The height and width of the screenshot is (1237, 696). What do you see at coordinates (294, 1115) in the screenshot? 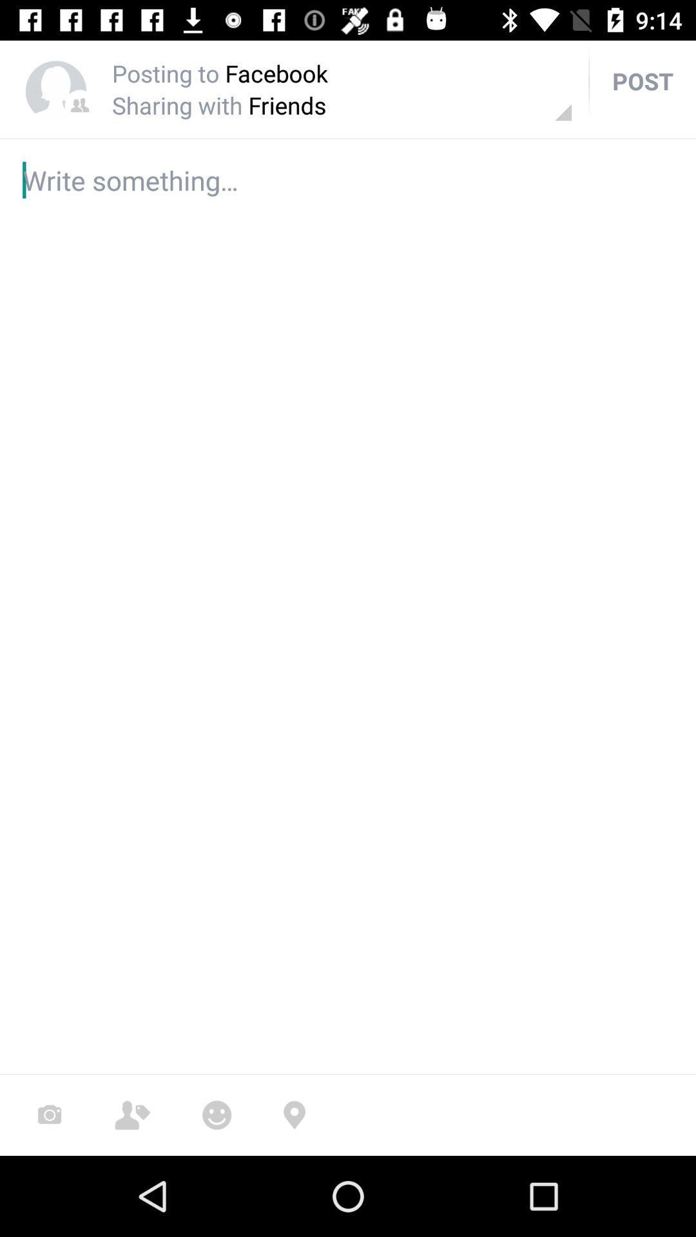
I see `the location icon` at bounding box center [294, 1115].